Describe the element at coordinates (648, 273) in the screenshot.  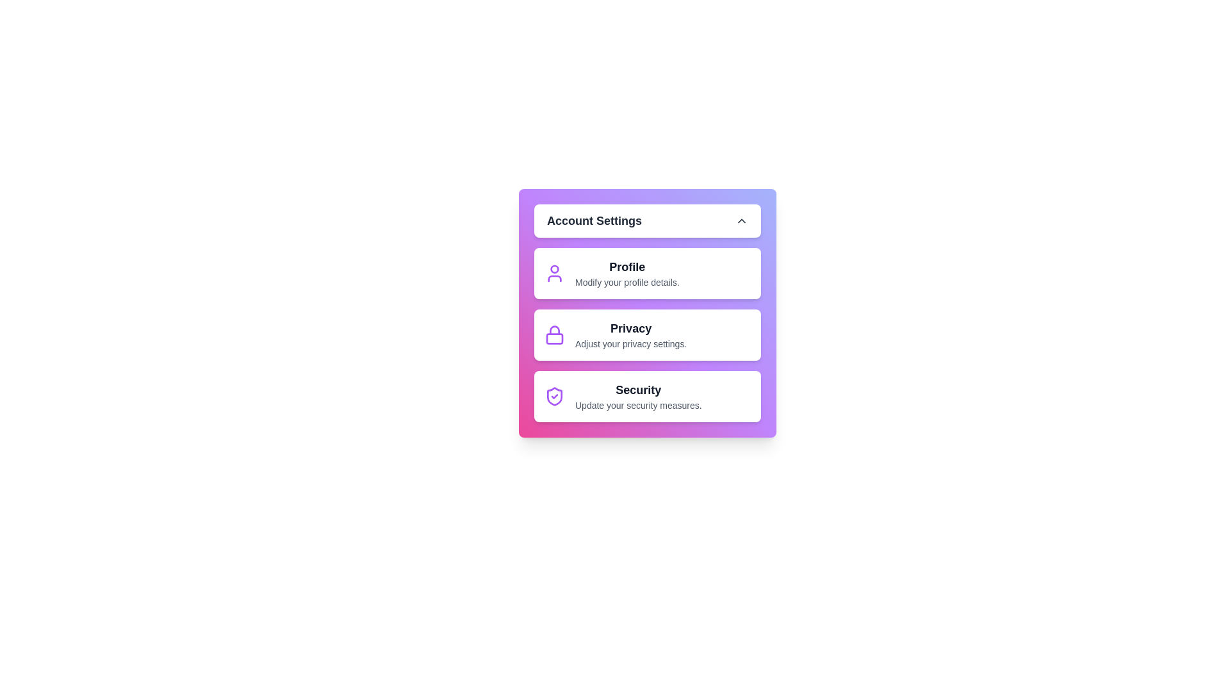
I see `the 'Profile' item to access profile settings` at that location.